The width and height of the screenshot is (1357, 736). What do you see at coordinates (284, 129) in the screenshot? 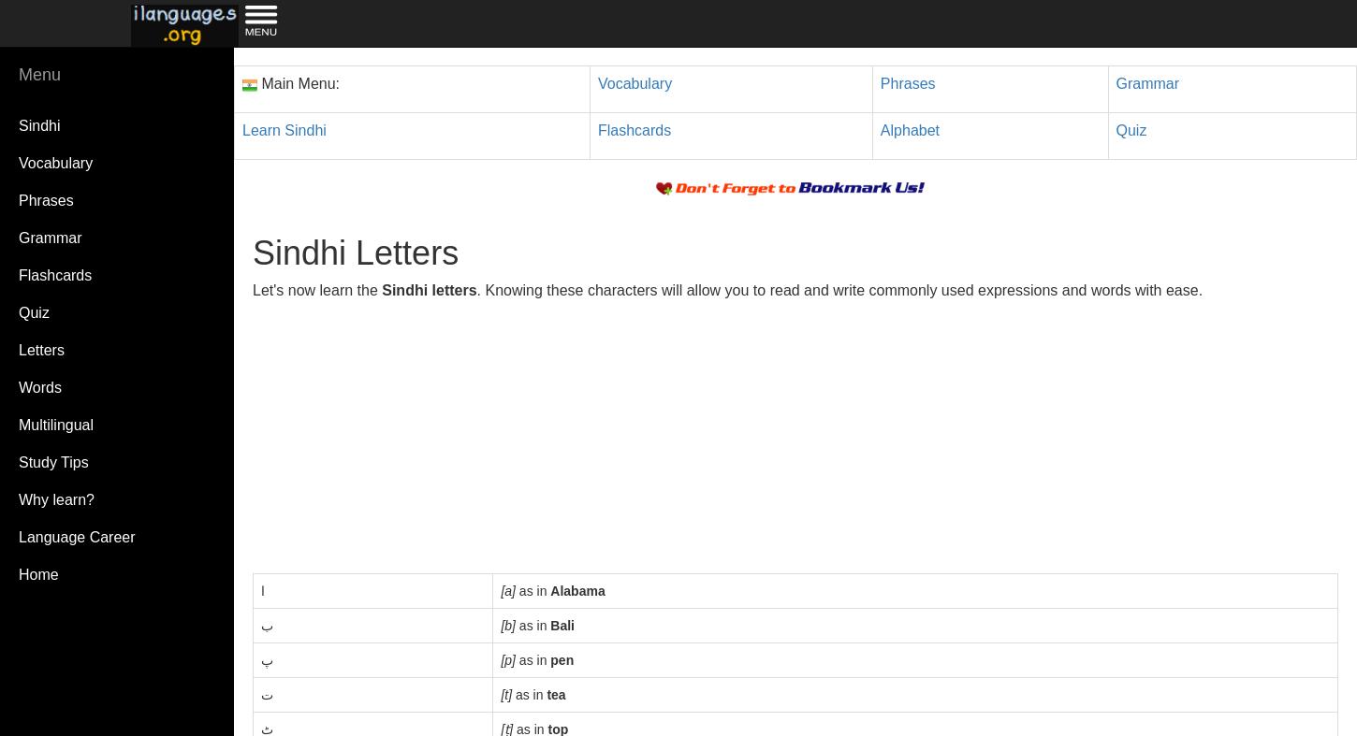
I see `'Learn Sindhi'` at bounding box center [284, 129].